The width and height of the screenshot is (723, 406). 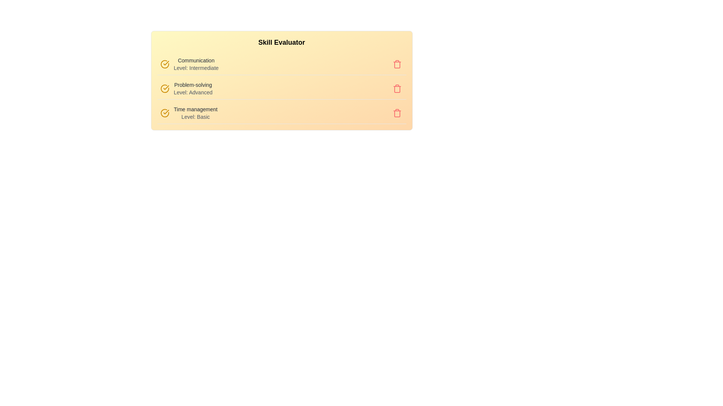 What do you see at coordinates (164, 88) in the screenshot?
I see `the skill icon for Problem-solving to focus on it` at bounding box center [164, 88].